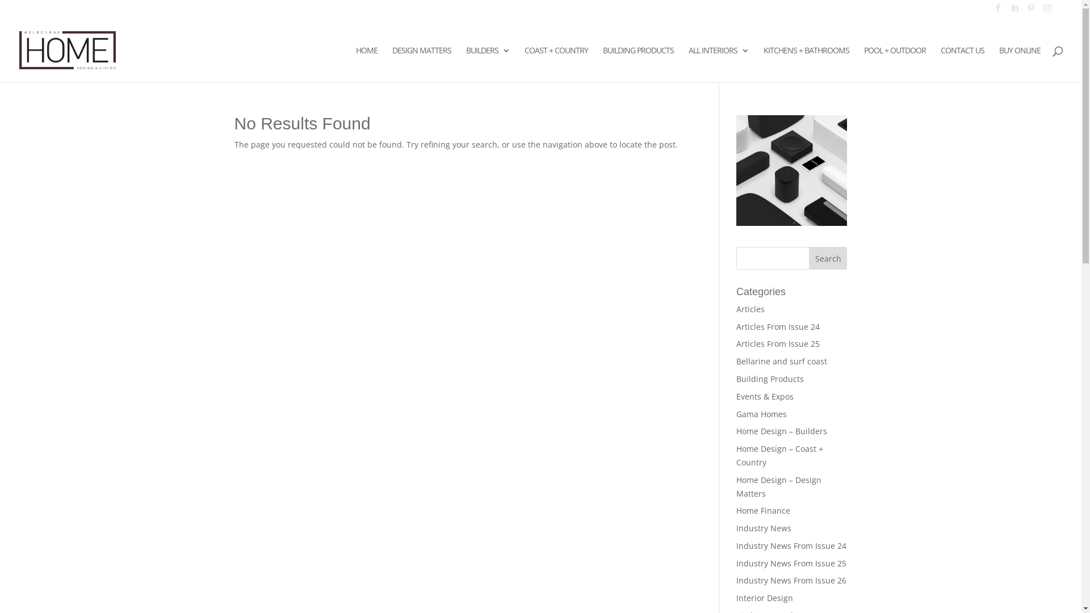  Describe the element at coordinates (421, 64) in the screenshot. I see `'DESIGN MATTERS'` at that location.